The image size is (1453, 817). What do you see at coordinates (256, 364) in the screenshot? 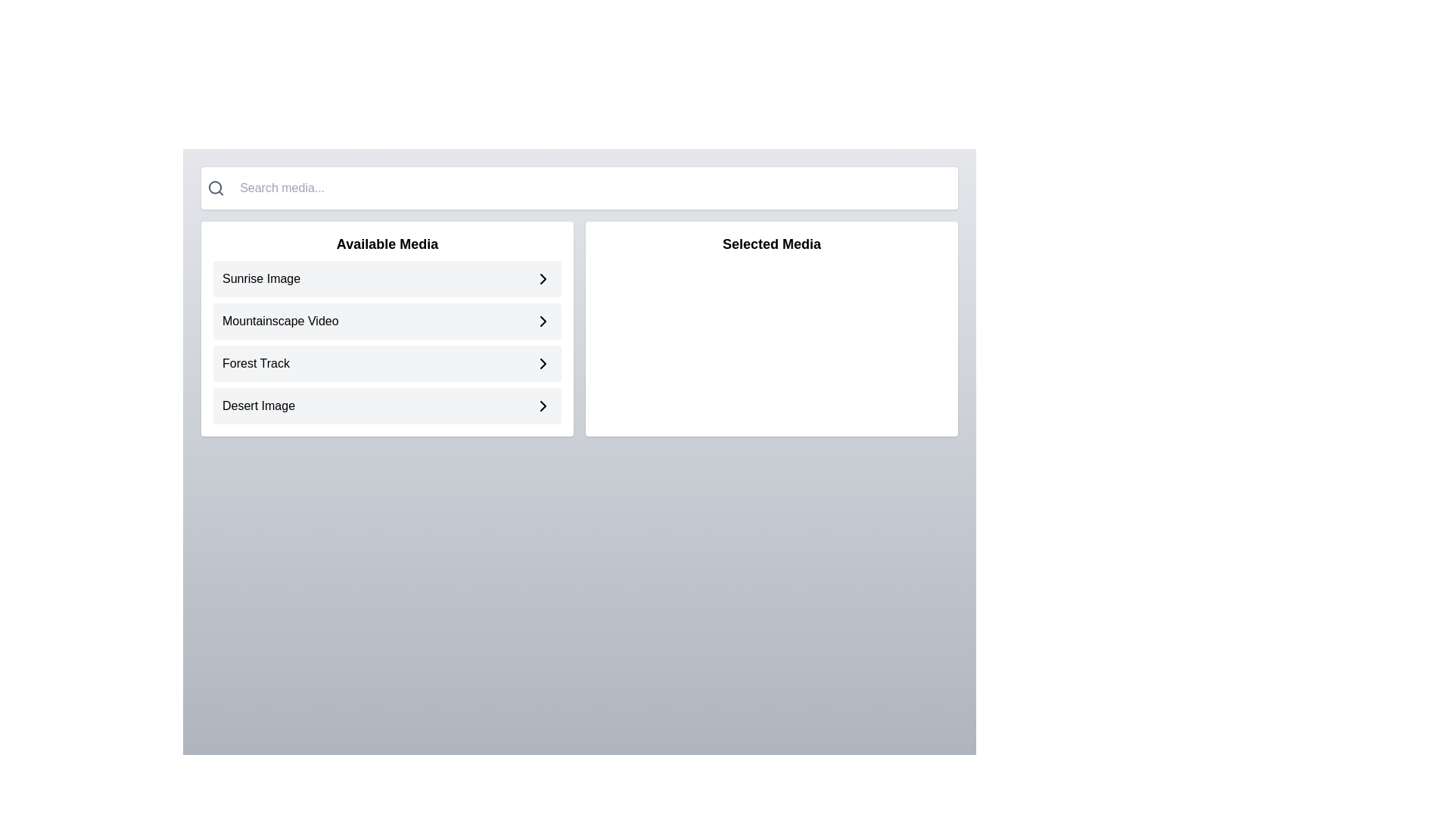
I see `the 'Forest Track' text label, which is a bold label in a light gray rectangular box` at bounding box center [256, 364].